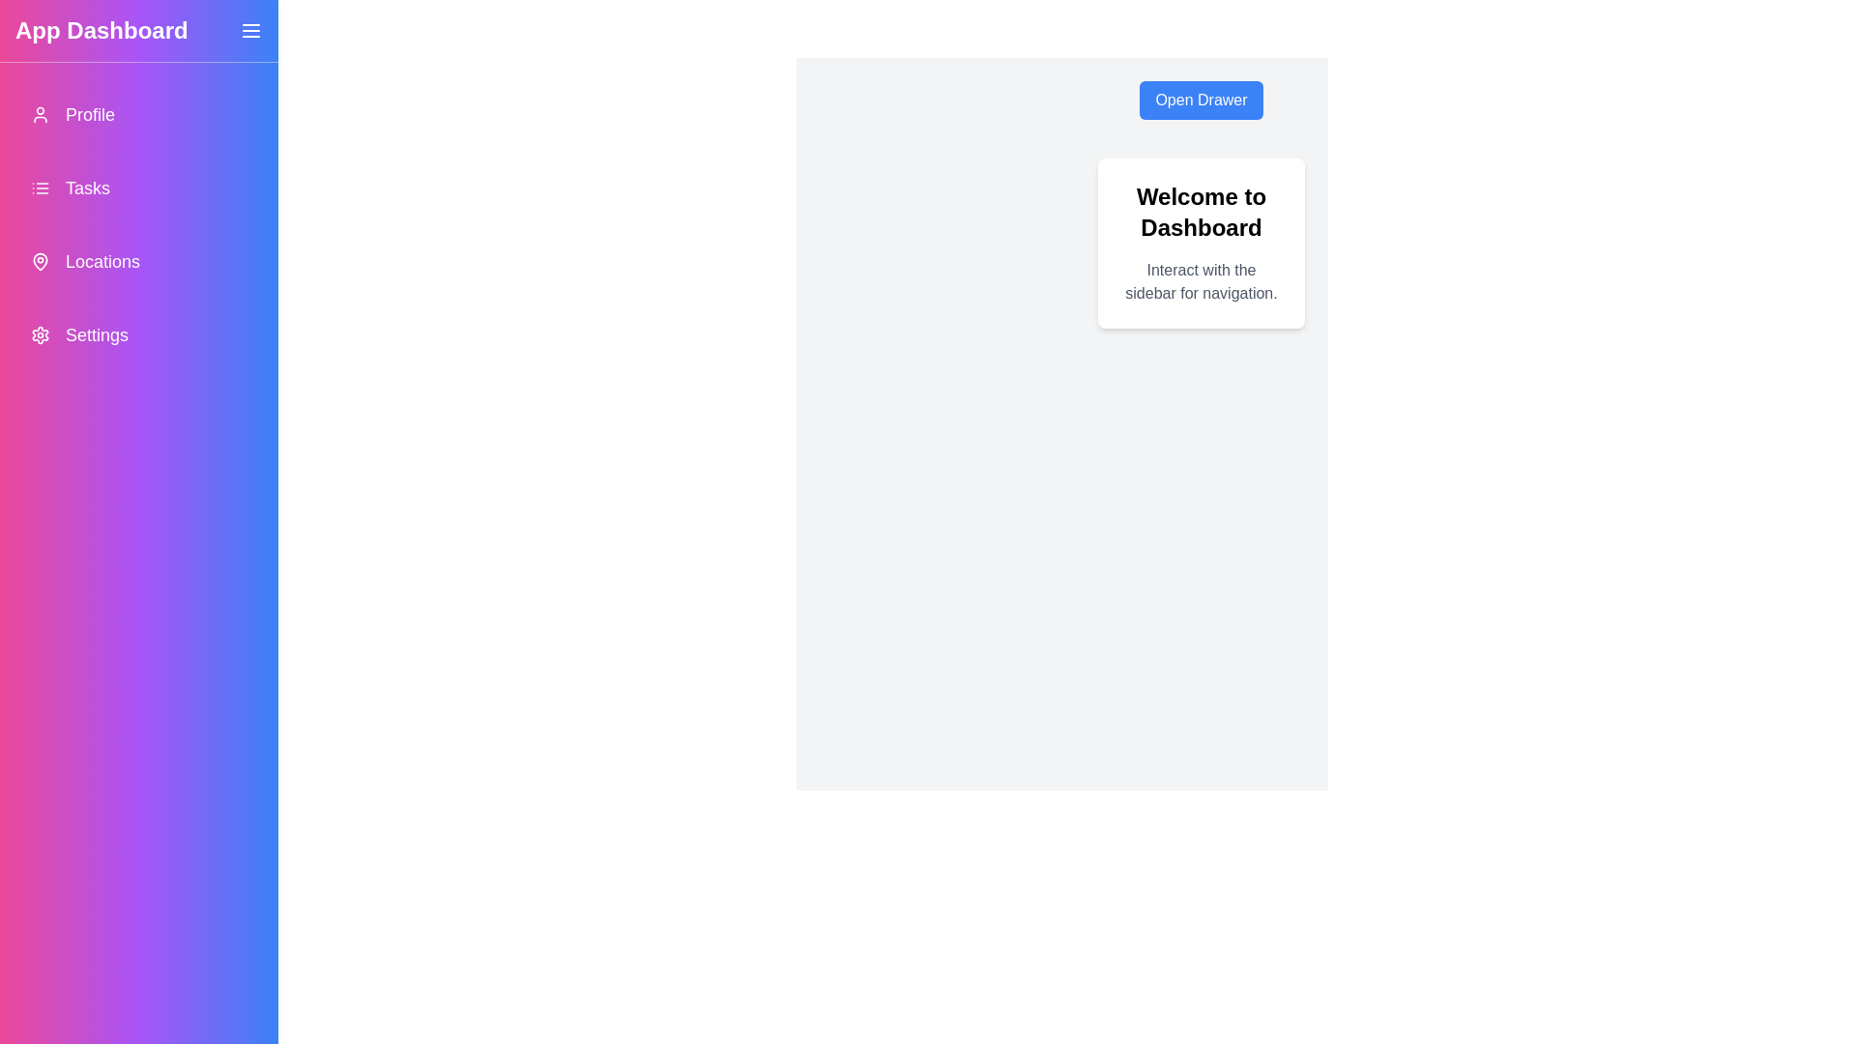  What do you see at coordinates (138, 261) in the screenshot?
I see `the navigation item Locations from the drawer` at bounding box center [138, 261].